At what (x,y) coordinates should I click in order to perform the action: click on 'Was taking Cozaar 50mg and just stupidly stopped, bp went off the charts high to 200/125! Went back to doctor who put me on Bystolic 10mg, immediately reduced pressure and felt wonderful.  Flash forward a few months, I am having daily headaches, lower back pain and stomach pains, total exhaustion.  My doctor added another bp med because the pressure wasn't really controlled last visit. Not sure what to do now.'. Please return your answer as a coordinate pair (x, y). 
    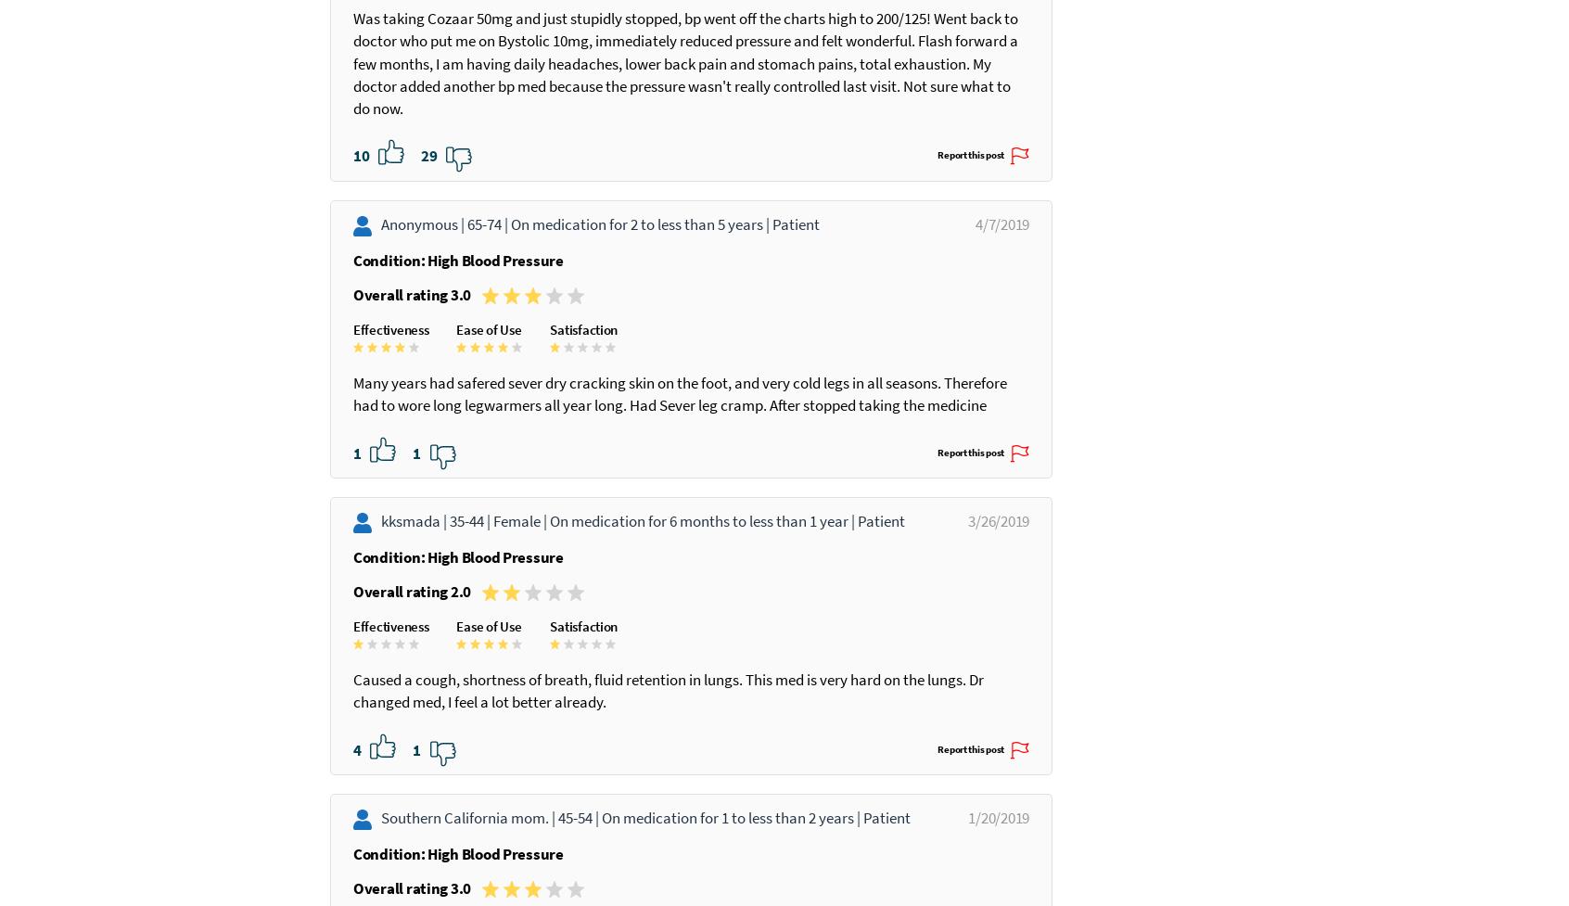
    Looking at the image, I should click on (676, 152).